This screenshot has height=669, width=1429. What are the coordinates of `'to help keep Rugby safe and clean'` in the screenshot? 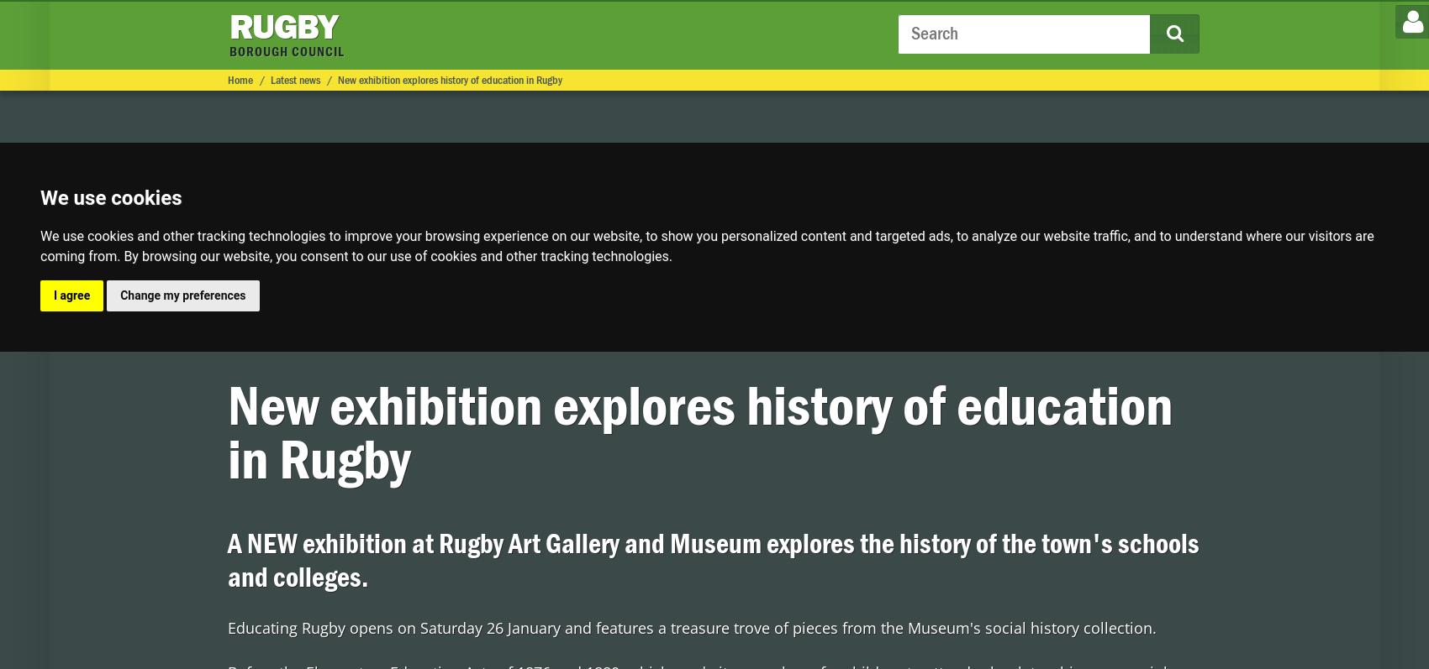 It's located at (1116, 20).